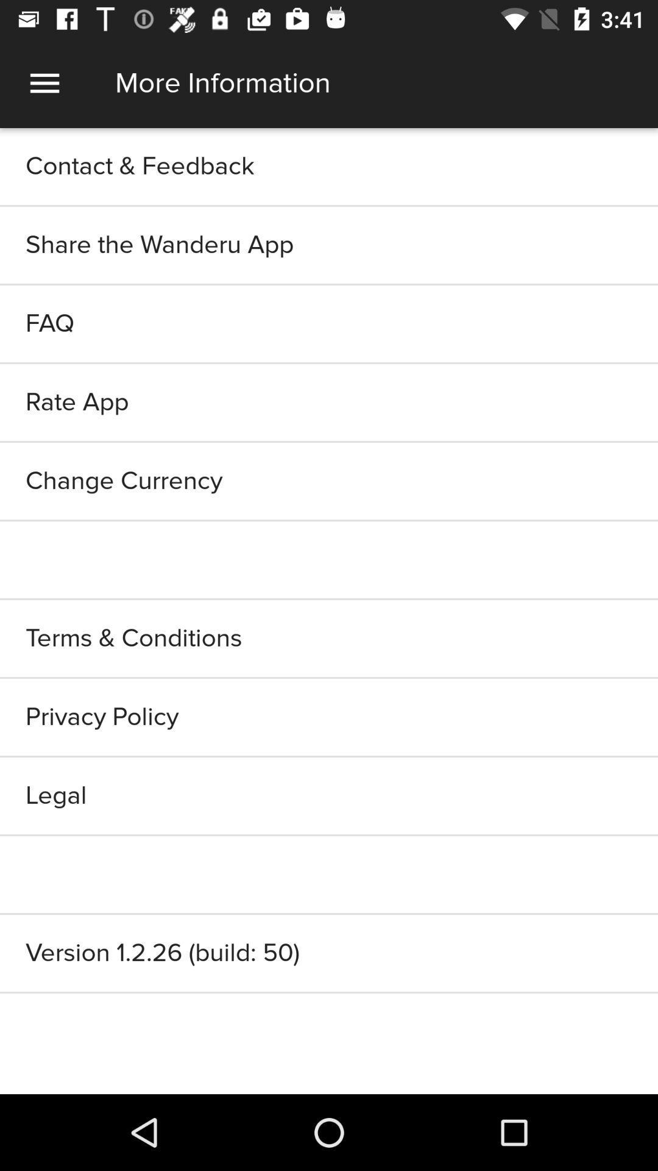 The width and height of the screenshot is (658, 1171). I want to click on the icon below the privacy policy item, so click(329, 796).